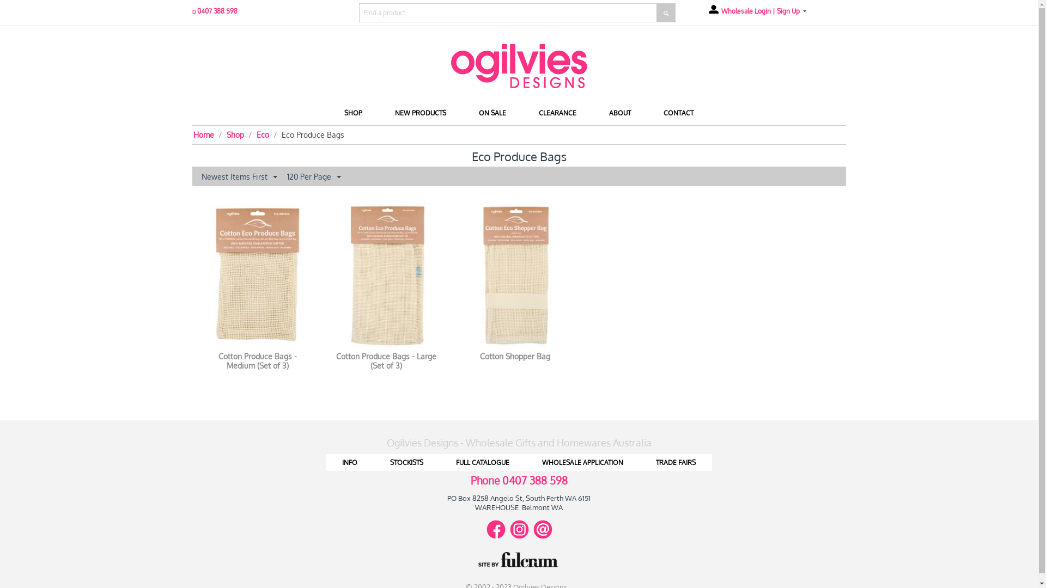  I want to click on 'TRADE FAIRS', so click(675, 462).